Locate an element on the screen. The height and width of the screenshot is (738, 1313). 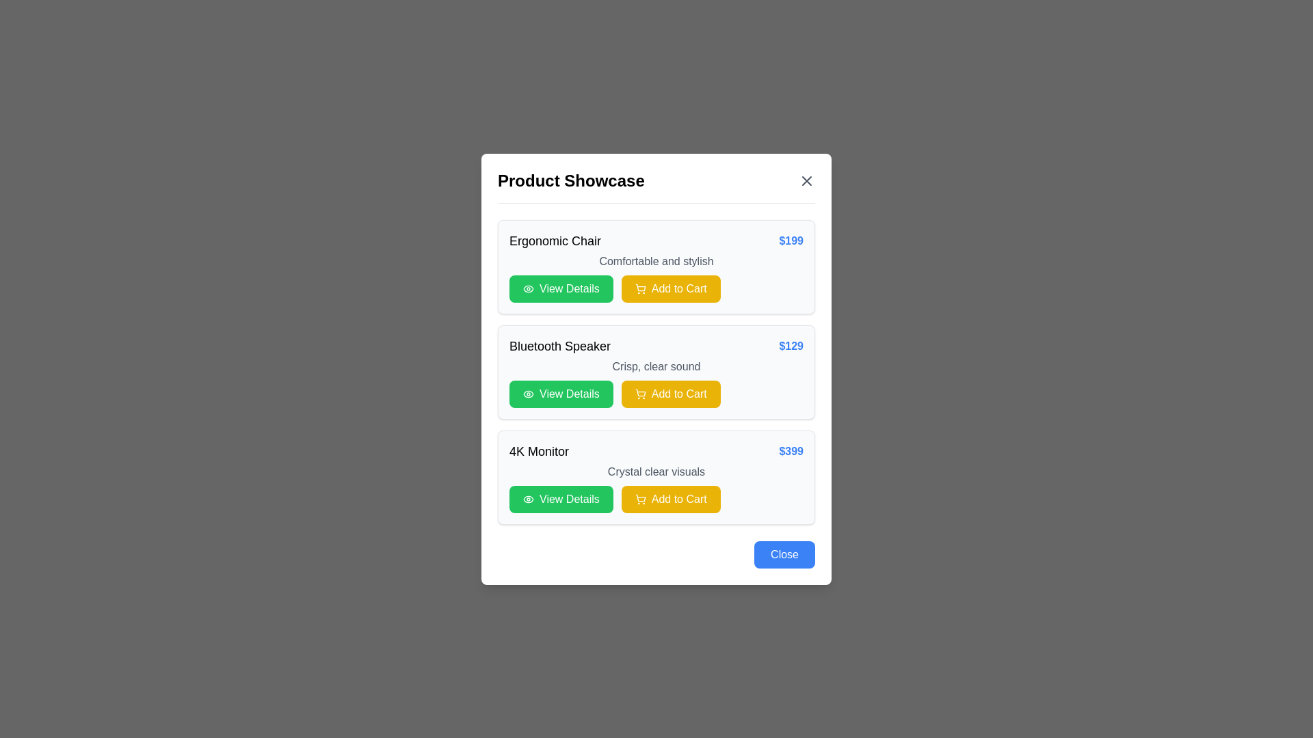
the outer oval boundary of the eye icon in the 'View Details' button for the 'Bluetooth Speaker' item in the 'Product Showcase' modal is located at coordinates (527, 394).